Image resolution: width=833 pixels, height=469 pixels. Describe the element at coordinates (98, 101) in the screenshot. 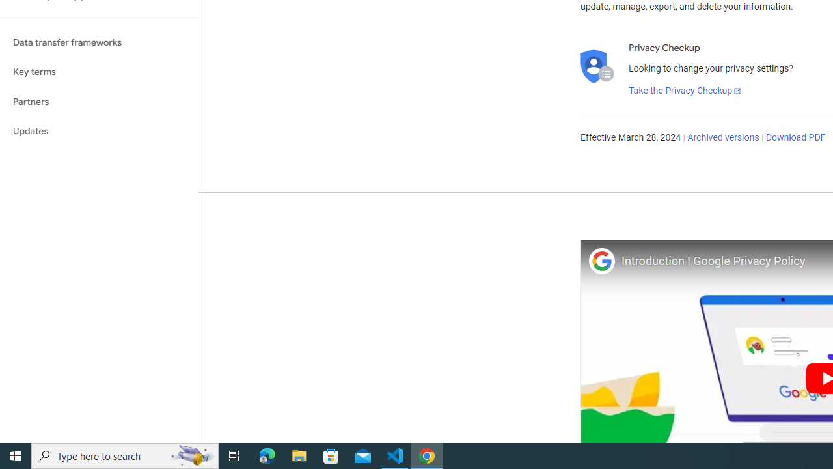

I see `'Partners'` at that location.